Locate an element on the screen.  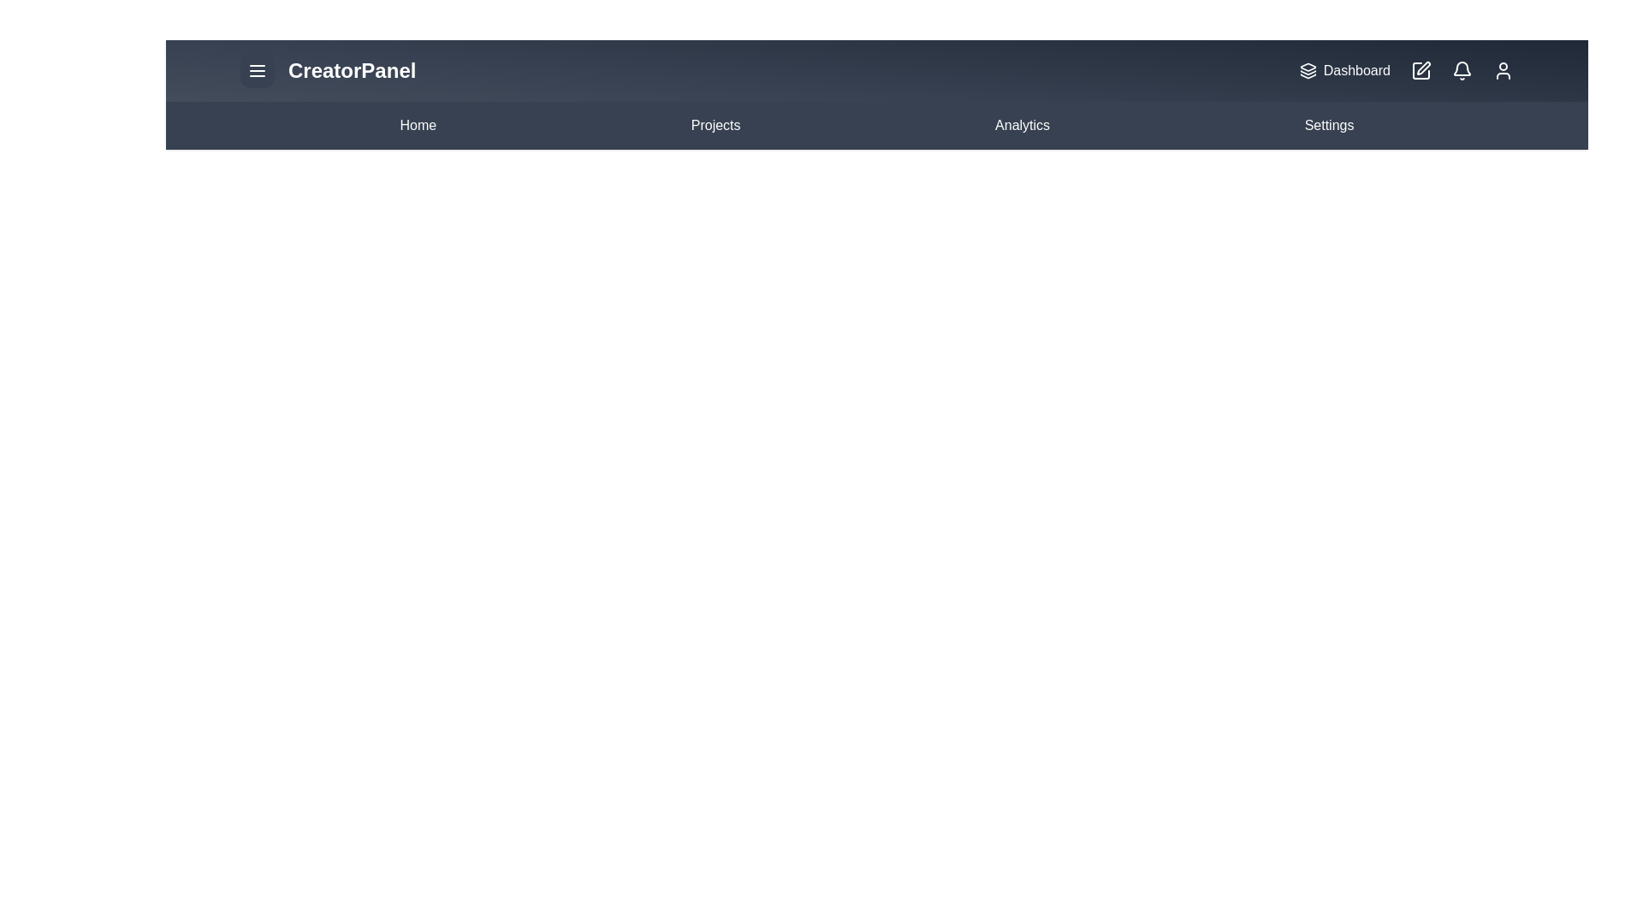
the 'User Profile' button to access the user profile options is located at coordinates (1502, 70).